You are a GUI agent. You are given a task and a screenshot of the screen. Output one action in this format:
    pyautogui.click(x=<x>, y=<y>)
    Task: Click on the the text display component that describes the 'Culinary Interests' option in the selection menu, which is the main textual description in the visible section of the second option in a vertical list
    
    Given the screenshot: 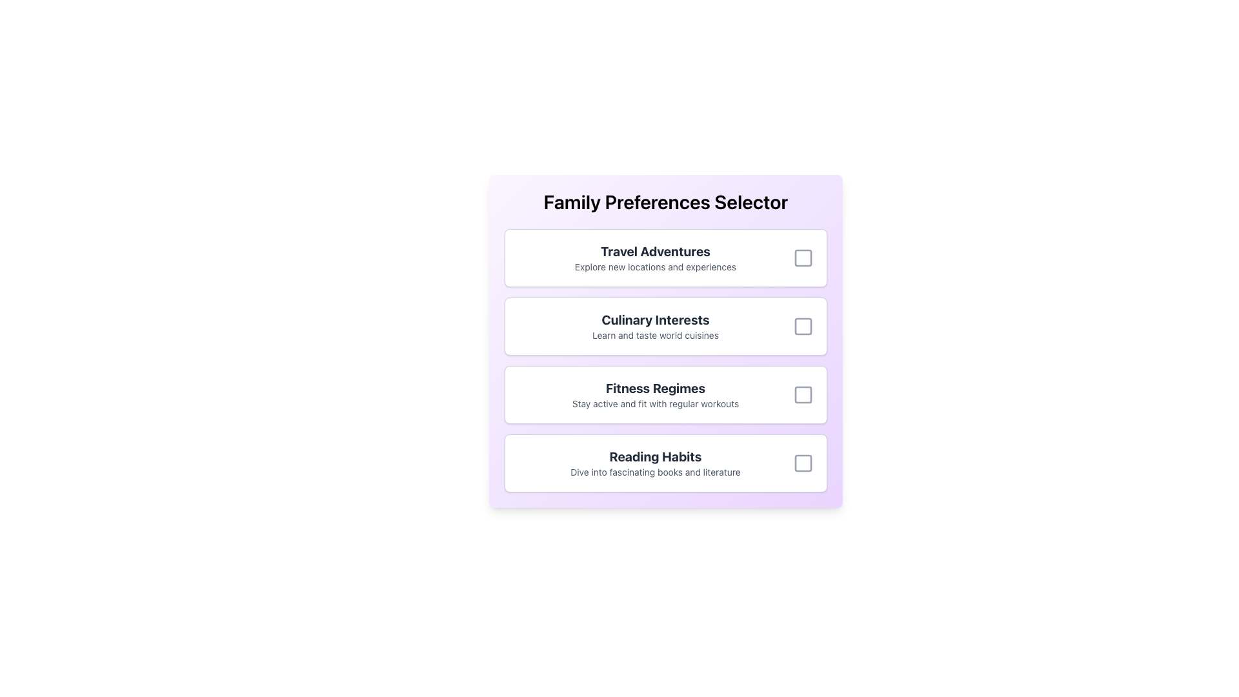 What is the action you would take?
    pyautogui.click(x=656, y=325)
    